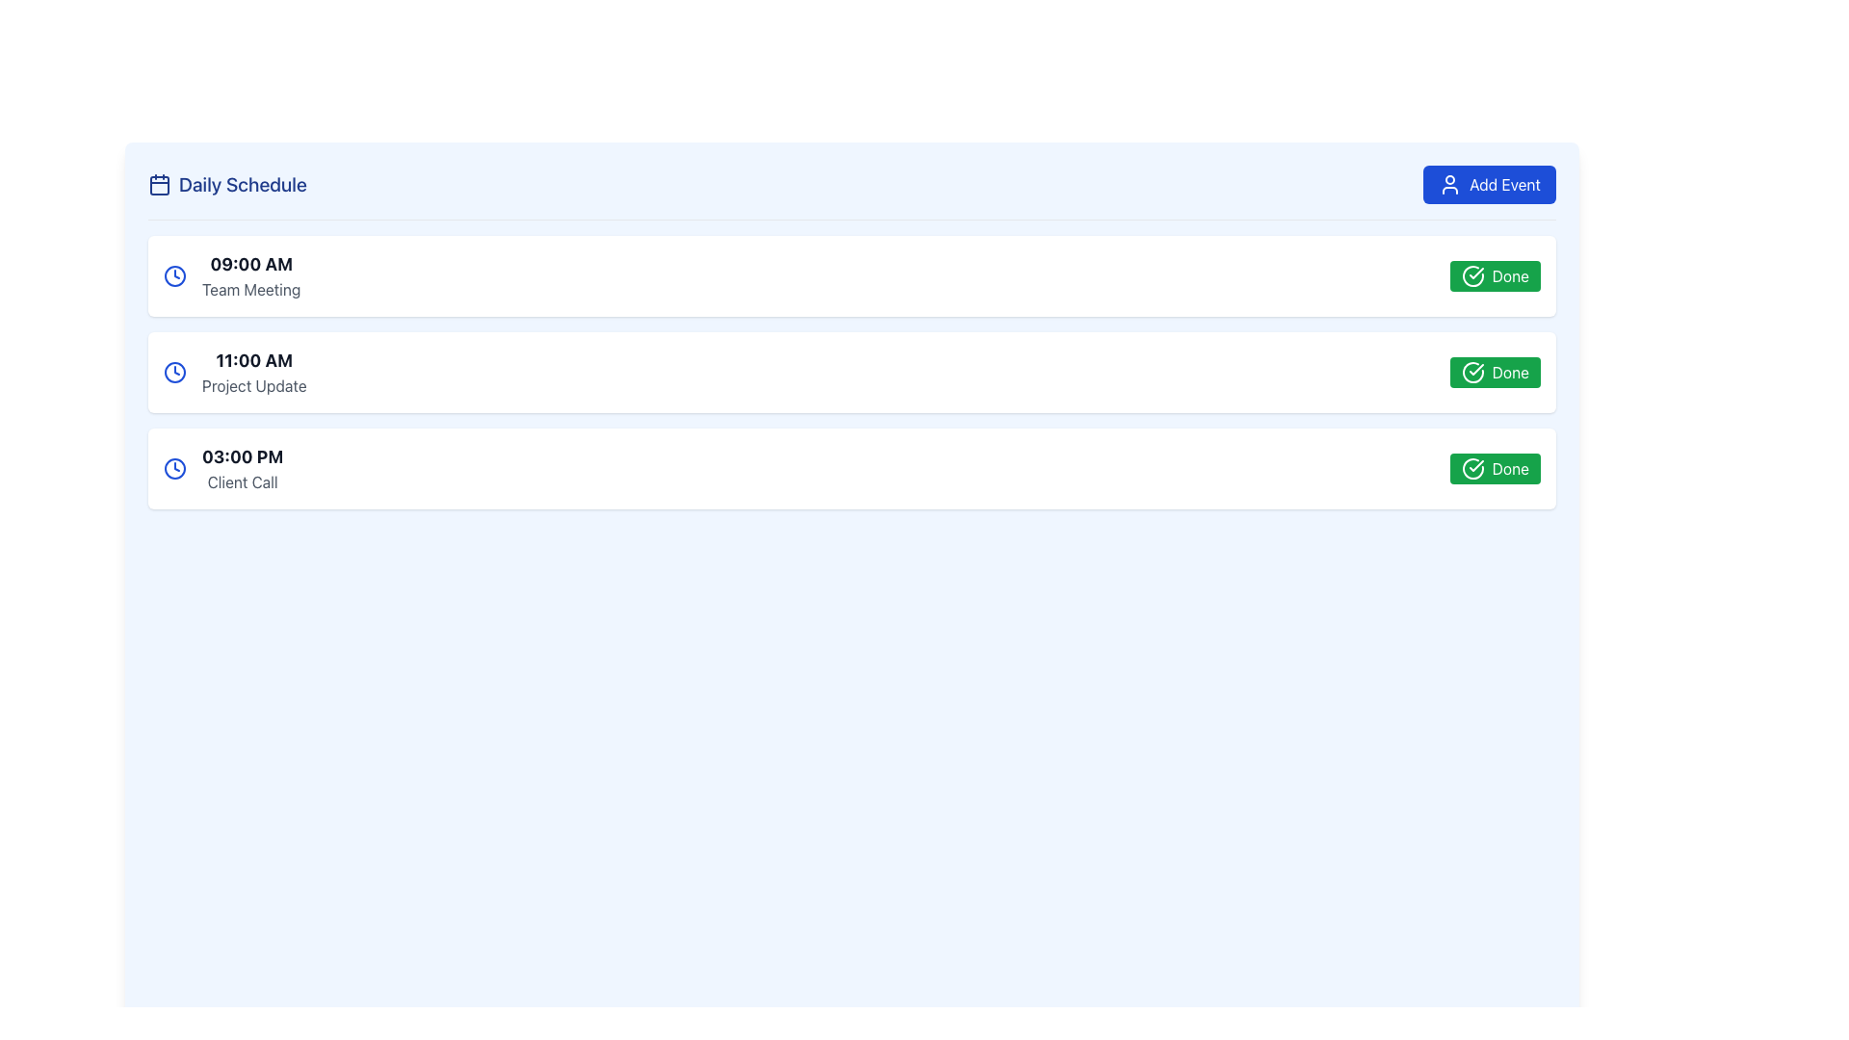 The image size is (1849, 1040). Describe the element at coordinates (160, 185) in the screenshot. I see `the calendar icon that visually represents the schedule, located in the heading section preceding the 'Daily Schedule' text` at that location.